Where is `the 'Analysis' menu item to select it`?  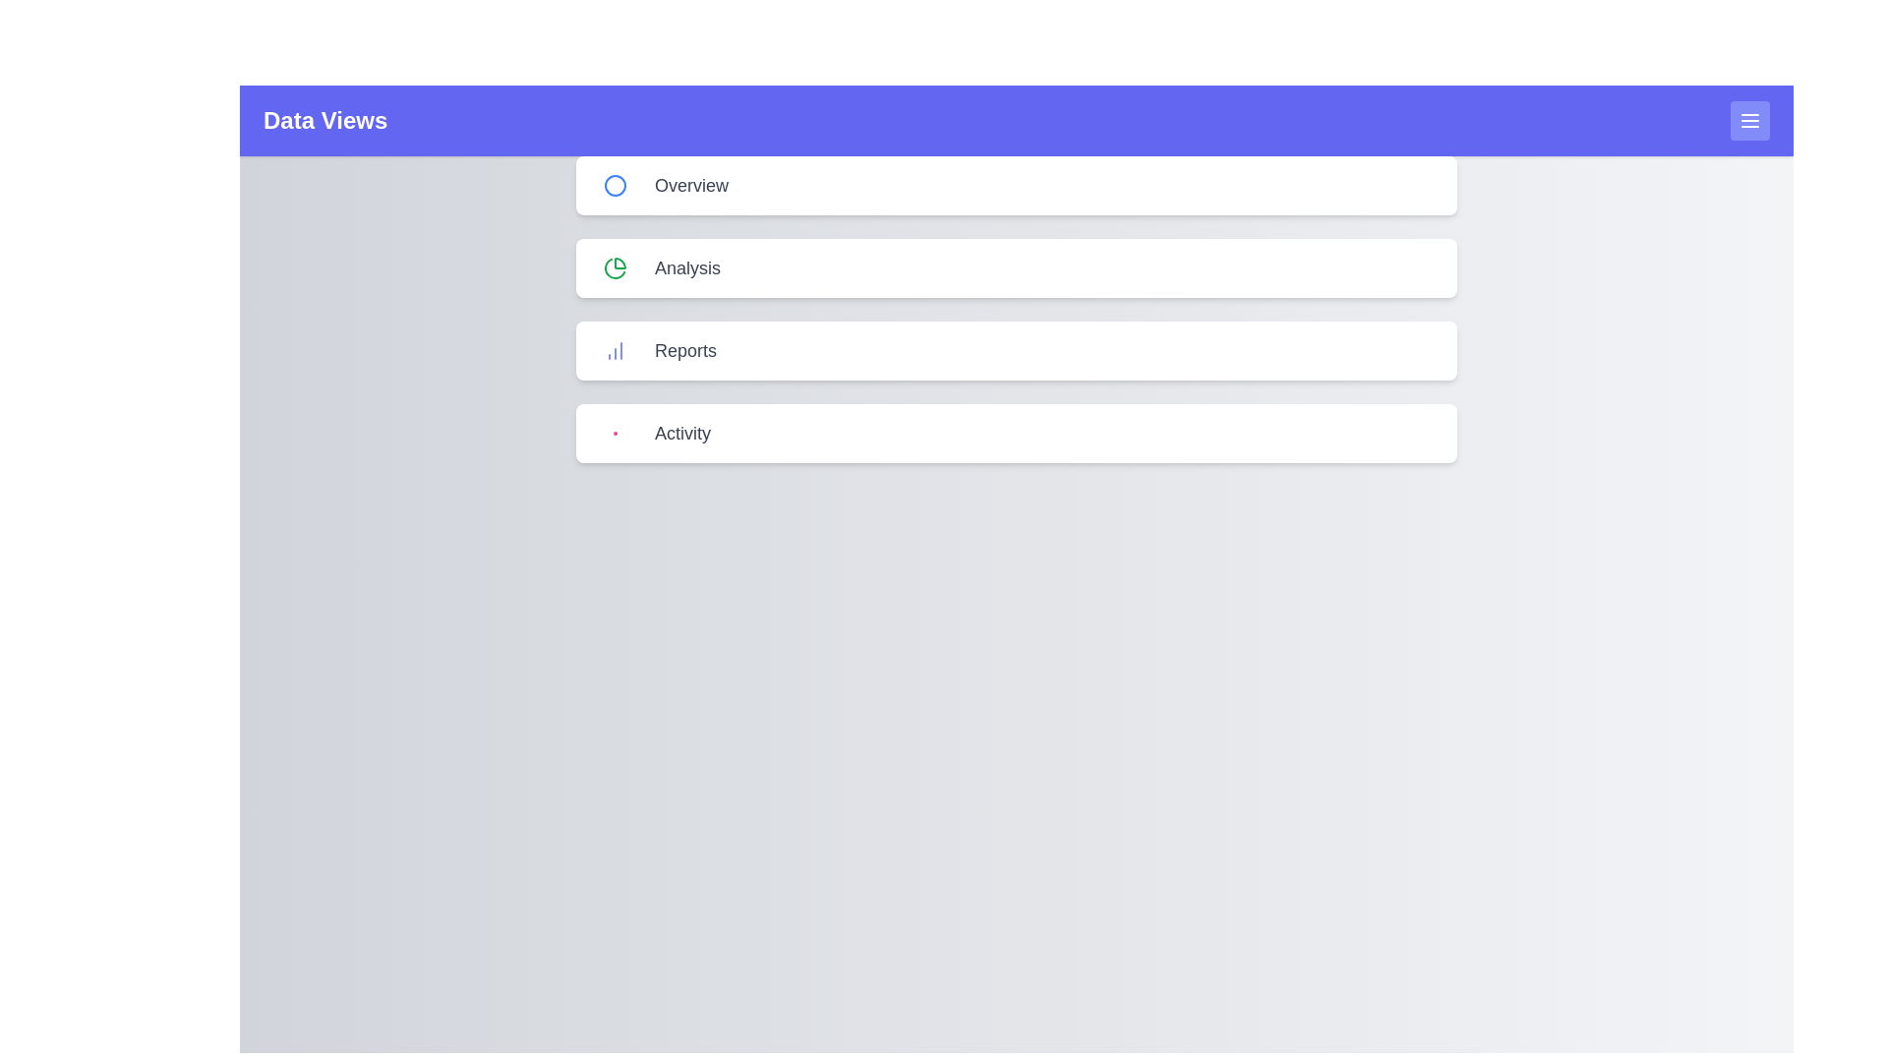
the 'Analysis' menu item to select it is located at coordinates (1016, 268).